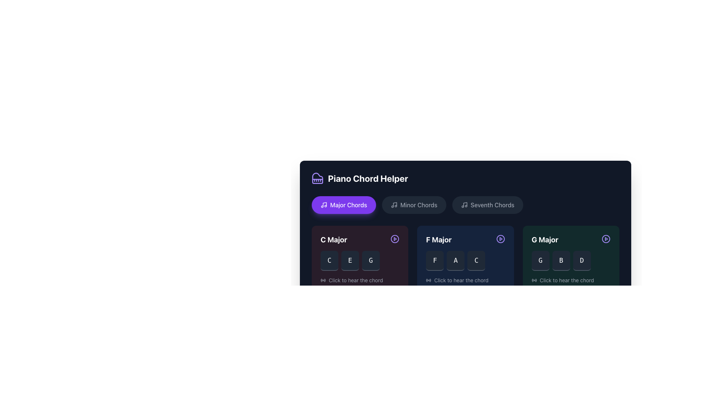 The width and height of the screenshot is (710, 399). What do you see at coordinates (413, 205) in the screenshot?
I see `the 'Minor Chords' button, which has a rounded shape, gray background, a music note icon, and light gray text, positioned between 'Major Chords' and 'Seventh Chords'` at bounding box center [413, 205].